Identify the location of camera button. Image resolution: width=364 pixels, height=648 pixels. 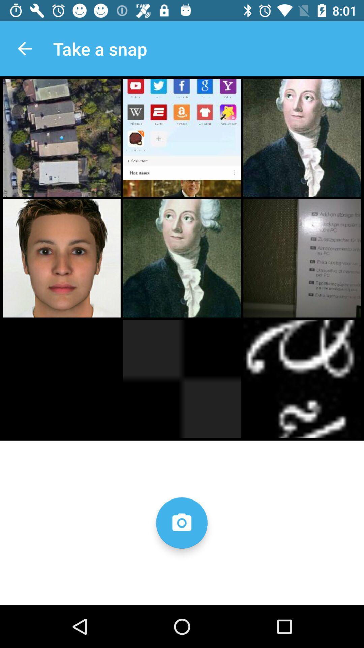
(181, 522).